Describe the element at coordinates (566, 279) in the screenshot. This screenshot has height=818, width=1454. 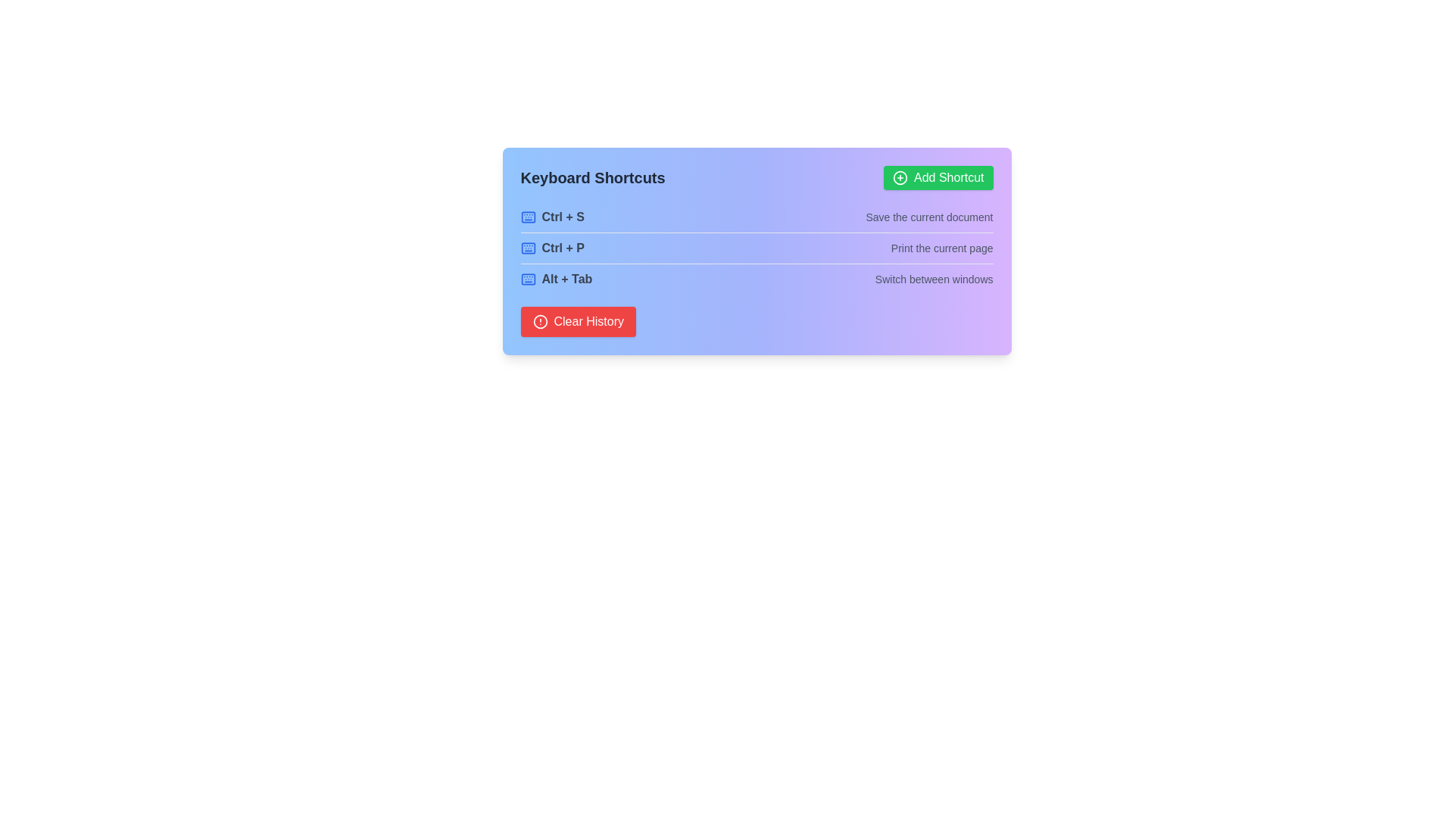
I see `the text label displaying the keyboard shortcut 'Alt + Tab', which is the third item in a vertical list of keyboard shortcuts` at that location.